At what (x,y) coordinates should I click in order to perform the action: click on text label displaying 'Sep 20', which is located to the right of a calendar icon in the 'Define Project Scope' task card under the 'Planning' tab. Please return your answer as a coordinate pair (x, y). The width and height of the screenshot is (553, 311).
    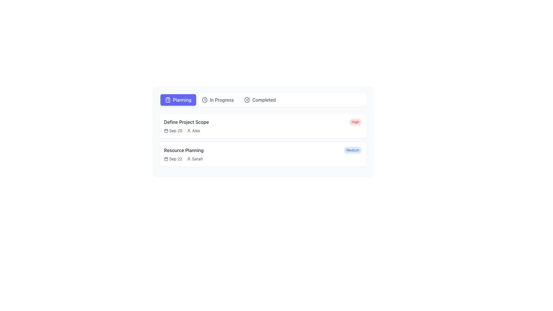
    Looking at the image, I should click on (175, 131).